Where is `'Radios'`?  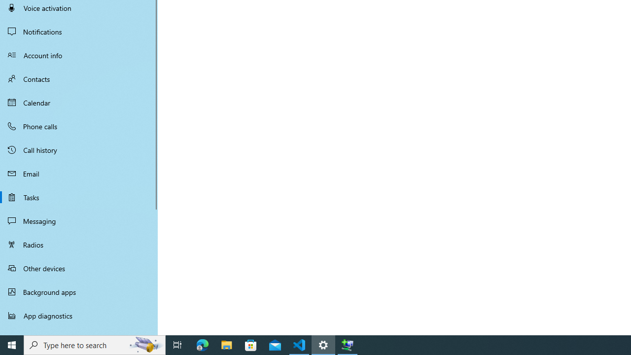
'Radios' is located at coordinates (79, 244).